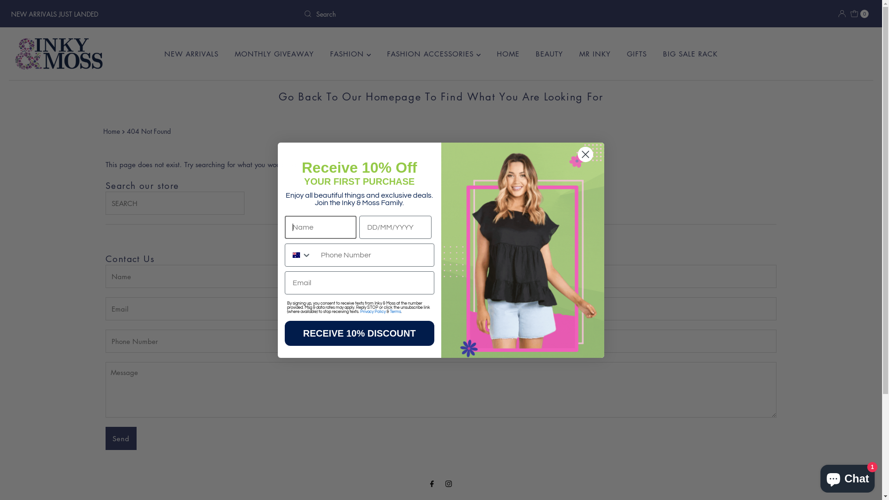 The width and height of the screenshot is (889, 500). I want to click on 'BEAUTY', so click(529, 53).